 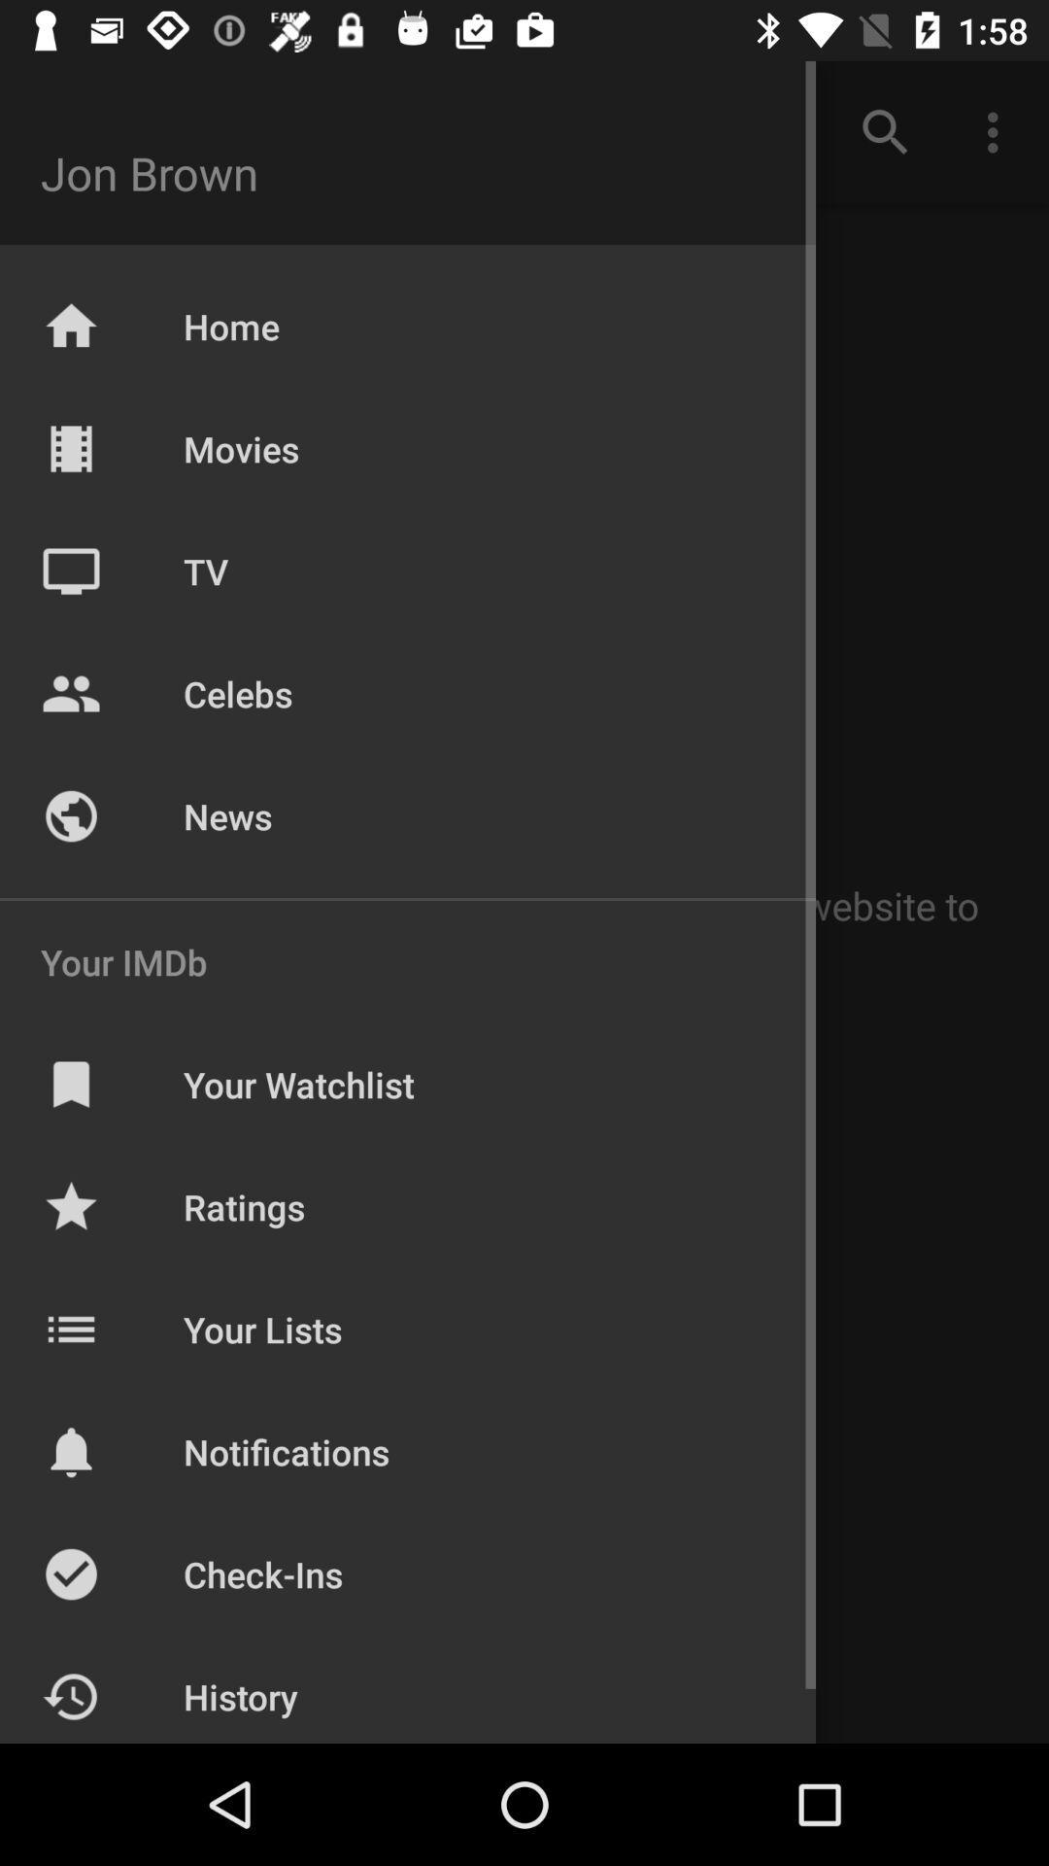 What do you see at coordinates (885, 132) in the screenshot?
I see `the search icon which is on the top right side` at bounding box center [885, 132].